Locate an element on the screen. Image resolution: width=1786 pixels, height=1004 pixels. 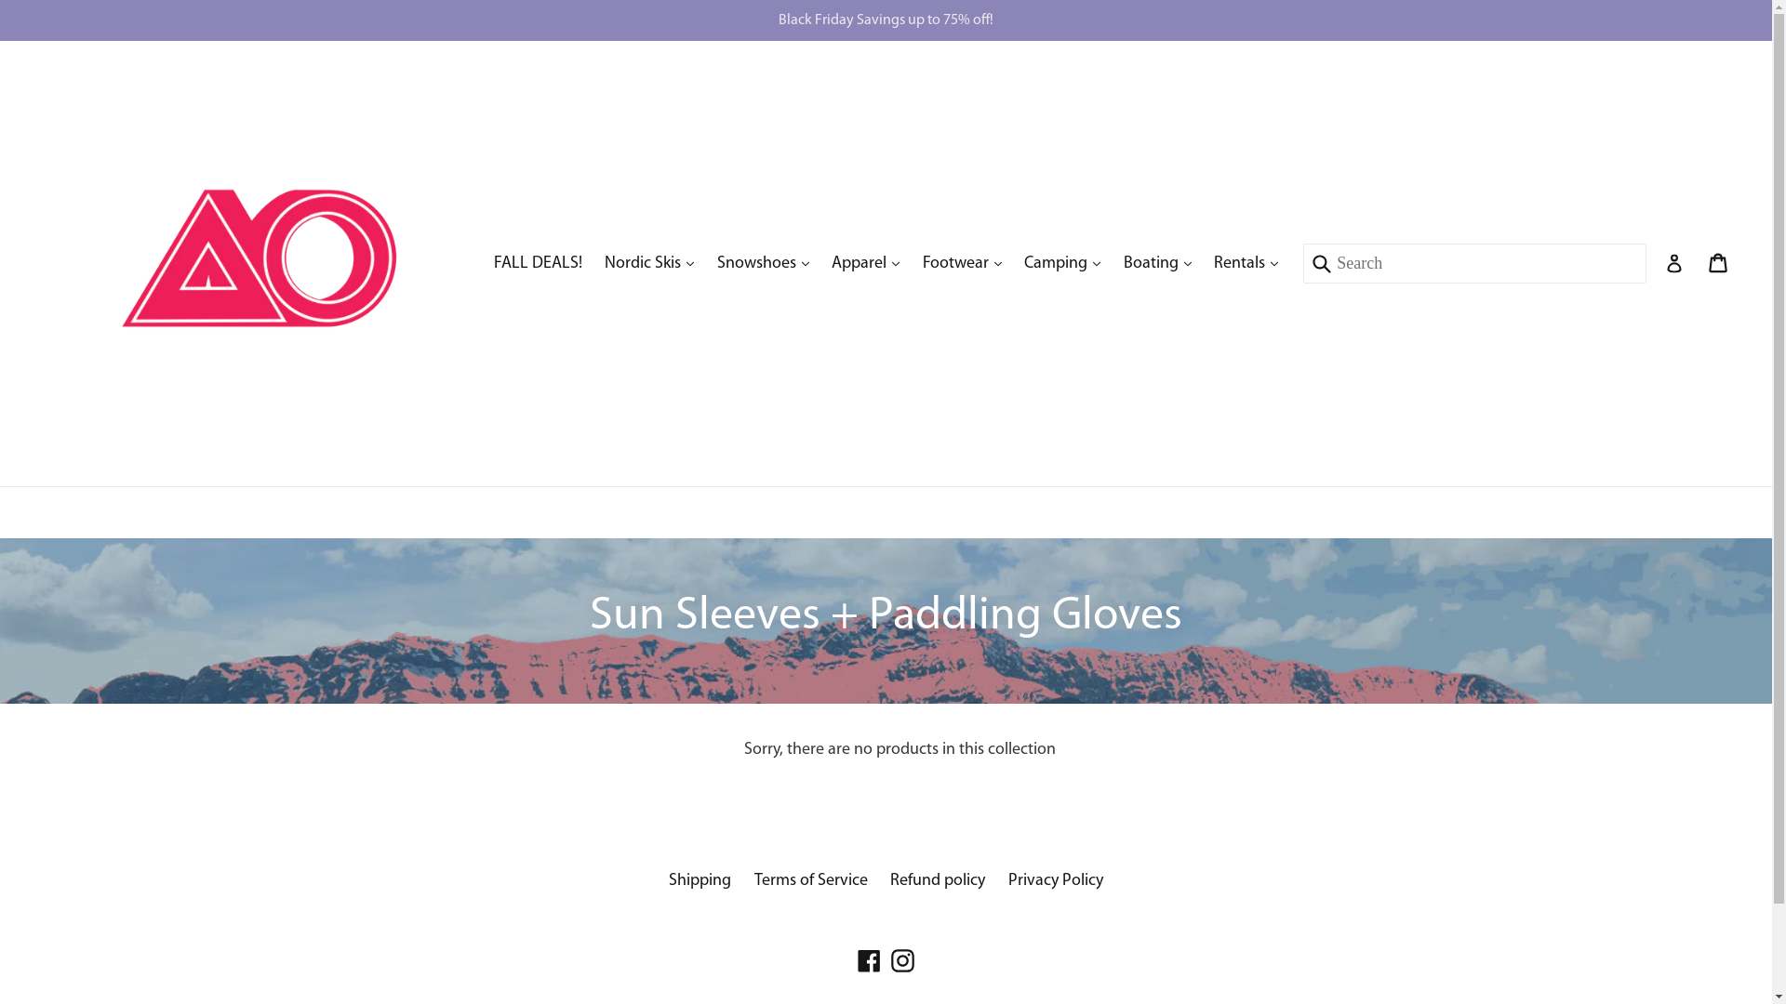
'Terms of Service' is located at coordinates (811, 879).